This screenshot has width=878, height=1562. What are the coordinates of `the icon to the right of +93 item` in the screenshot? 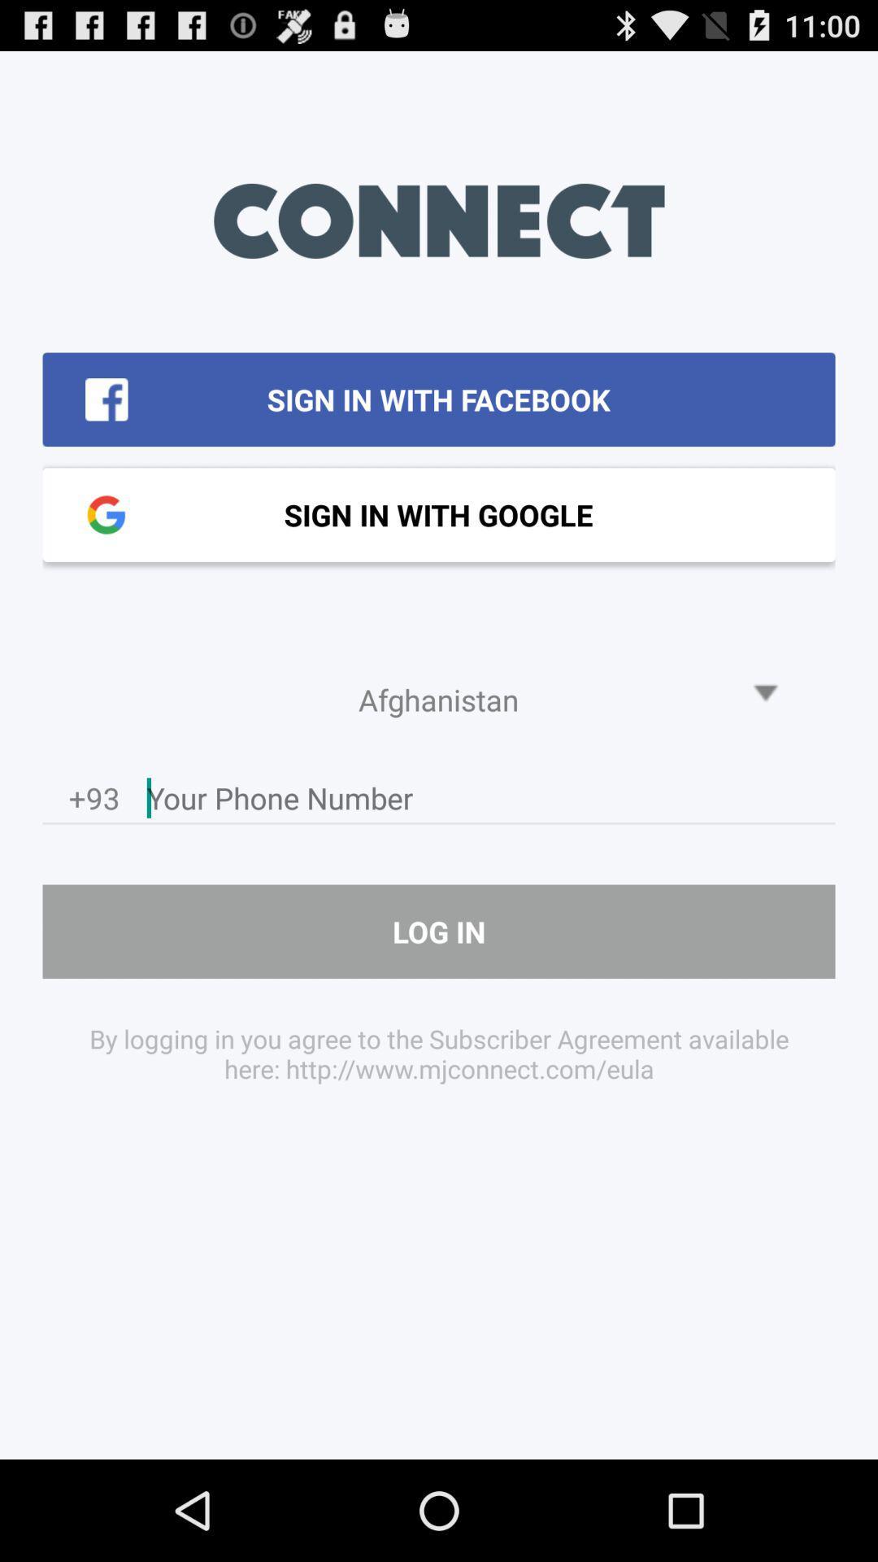 It's located at (490, 802).